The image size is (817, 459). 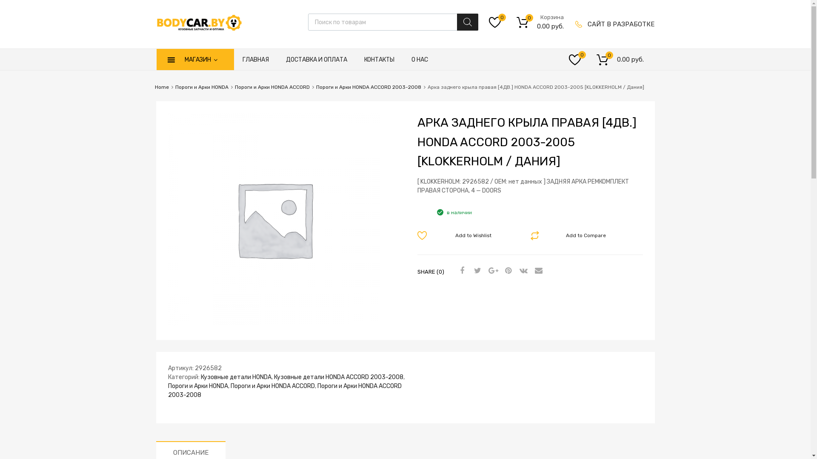 What do you see at coordinates (580, 235) in the screenshot?
I see `'Add to Compare'` at bounding box center [580, 235].